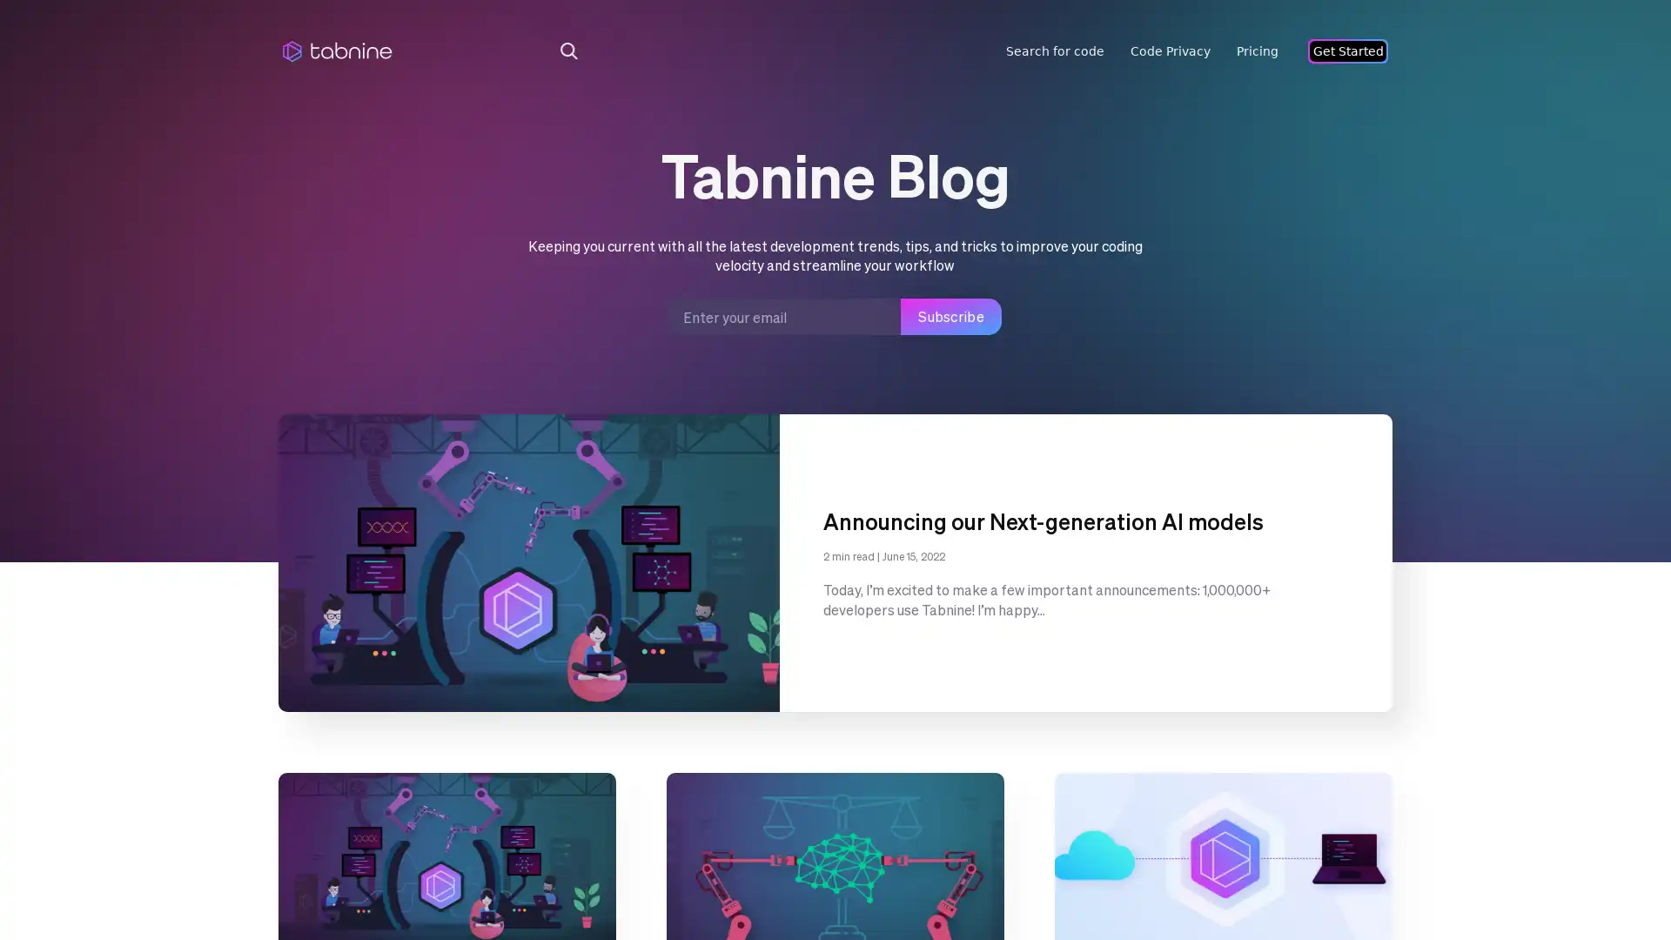  Describe the element at coordinates (1619, 893) in the screenshot. I see `Open` at that location.